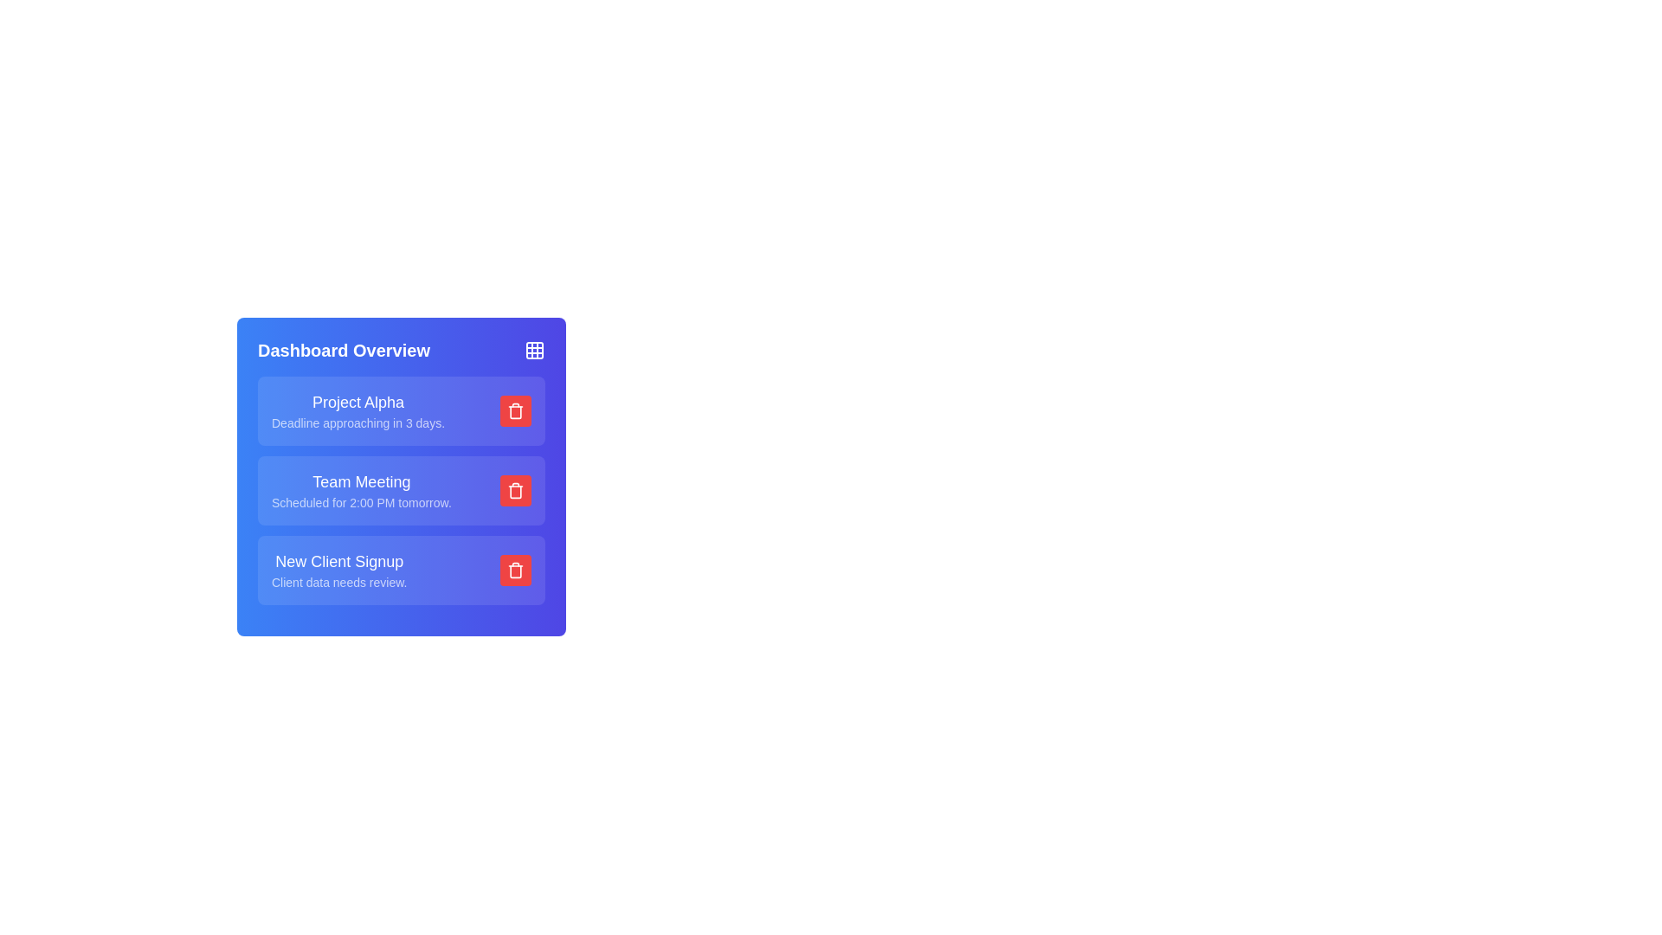  What do you see at coordinates (339, 571) in the screenshot?
I see `the text block that summarizes a task or notification about a new client signup in the Dashboard Overview panel` at bounding box center [339, 571].